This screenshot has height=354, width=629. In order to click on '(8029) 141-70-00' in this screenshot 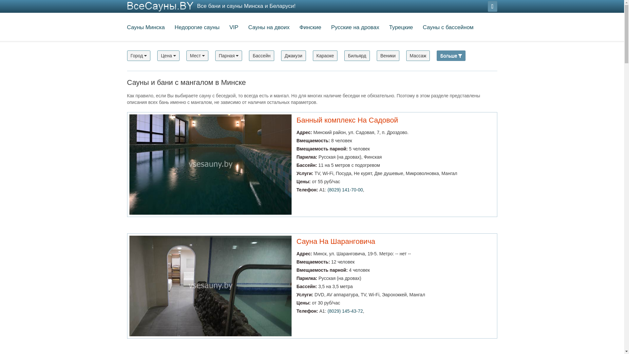, I will do `click(327, 189)`.